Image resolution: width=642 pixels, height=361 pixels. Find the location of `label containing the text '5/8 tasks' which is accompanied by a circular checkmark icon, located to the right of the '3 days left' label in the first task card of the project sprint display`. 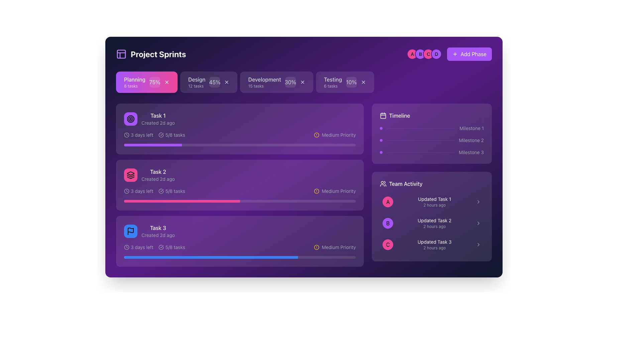

label containing the text '5/8 tasks' which is accompanied by a circular checkmark icon, located to the right of the '3 days left' label in the first task card of the project sprint display is located at coordinates (172, 135).